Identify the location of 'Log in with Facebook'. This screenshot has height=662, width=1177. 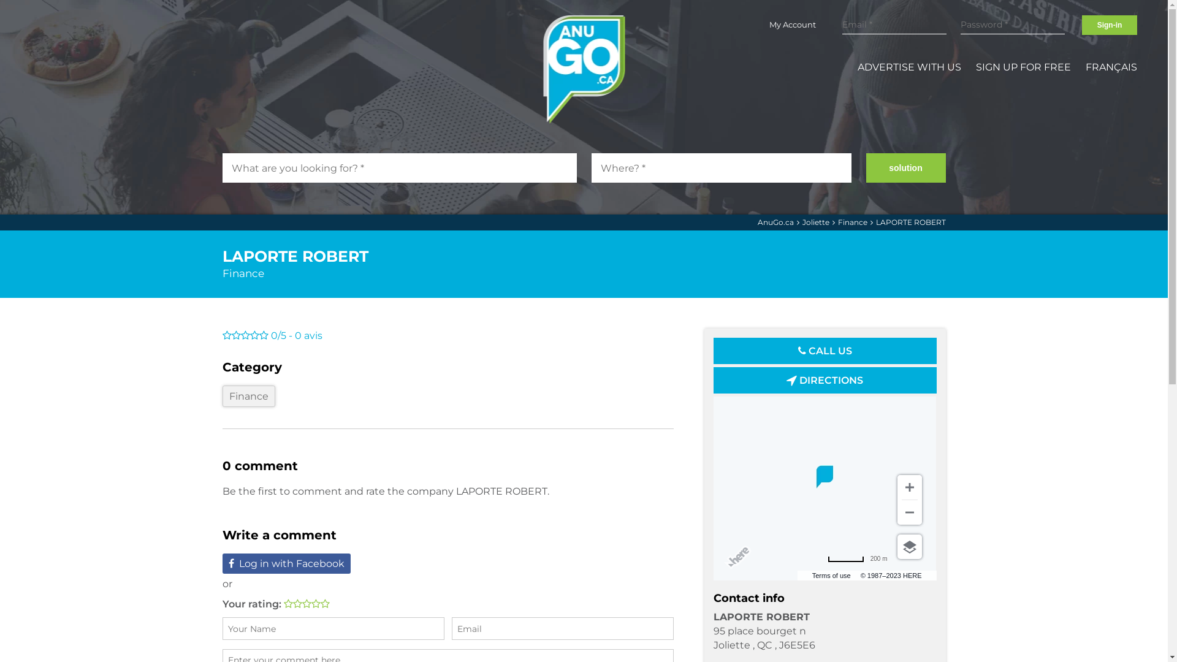
(221, 563).